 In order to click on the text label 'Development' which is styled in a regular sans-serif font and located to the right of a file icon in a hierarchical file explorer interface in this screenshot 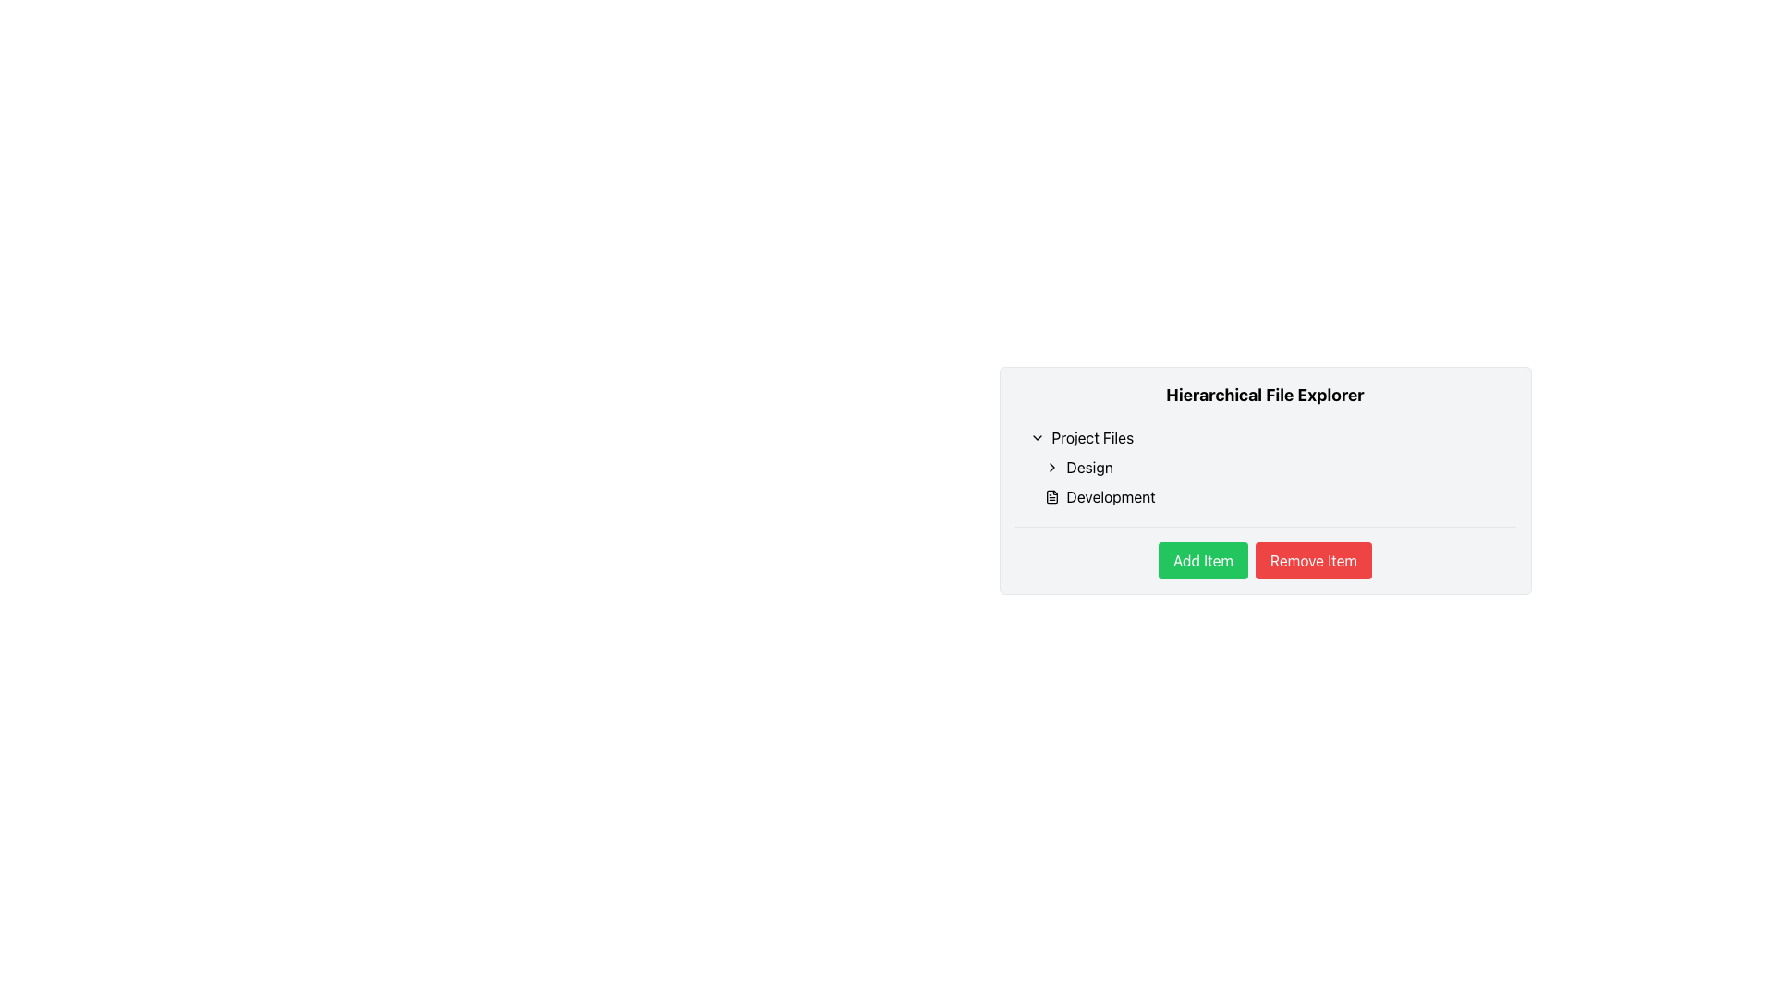, I will do `click(1110, 495)`.